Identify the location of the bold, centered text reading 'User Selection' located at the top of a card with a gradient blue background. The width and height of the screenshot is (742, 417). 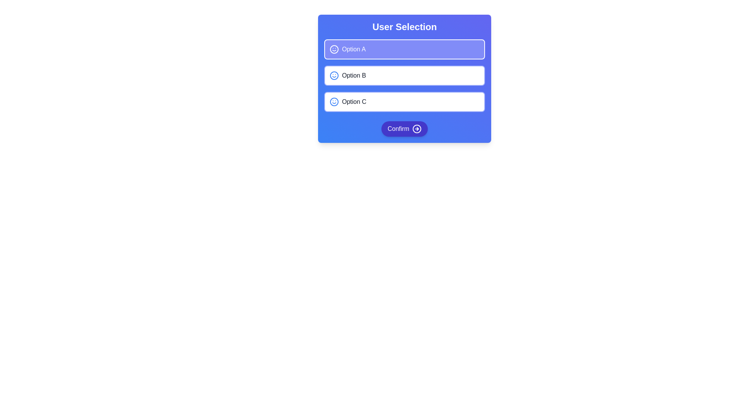
(404, 26).